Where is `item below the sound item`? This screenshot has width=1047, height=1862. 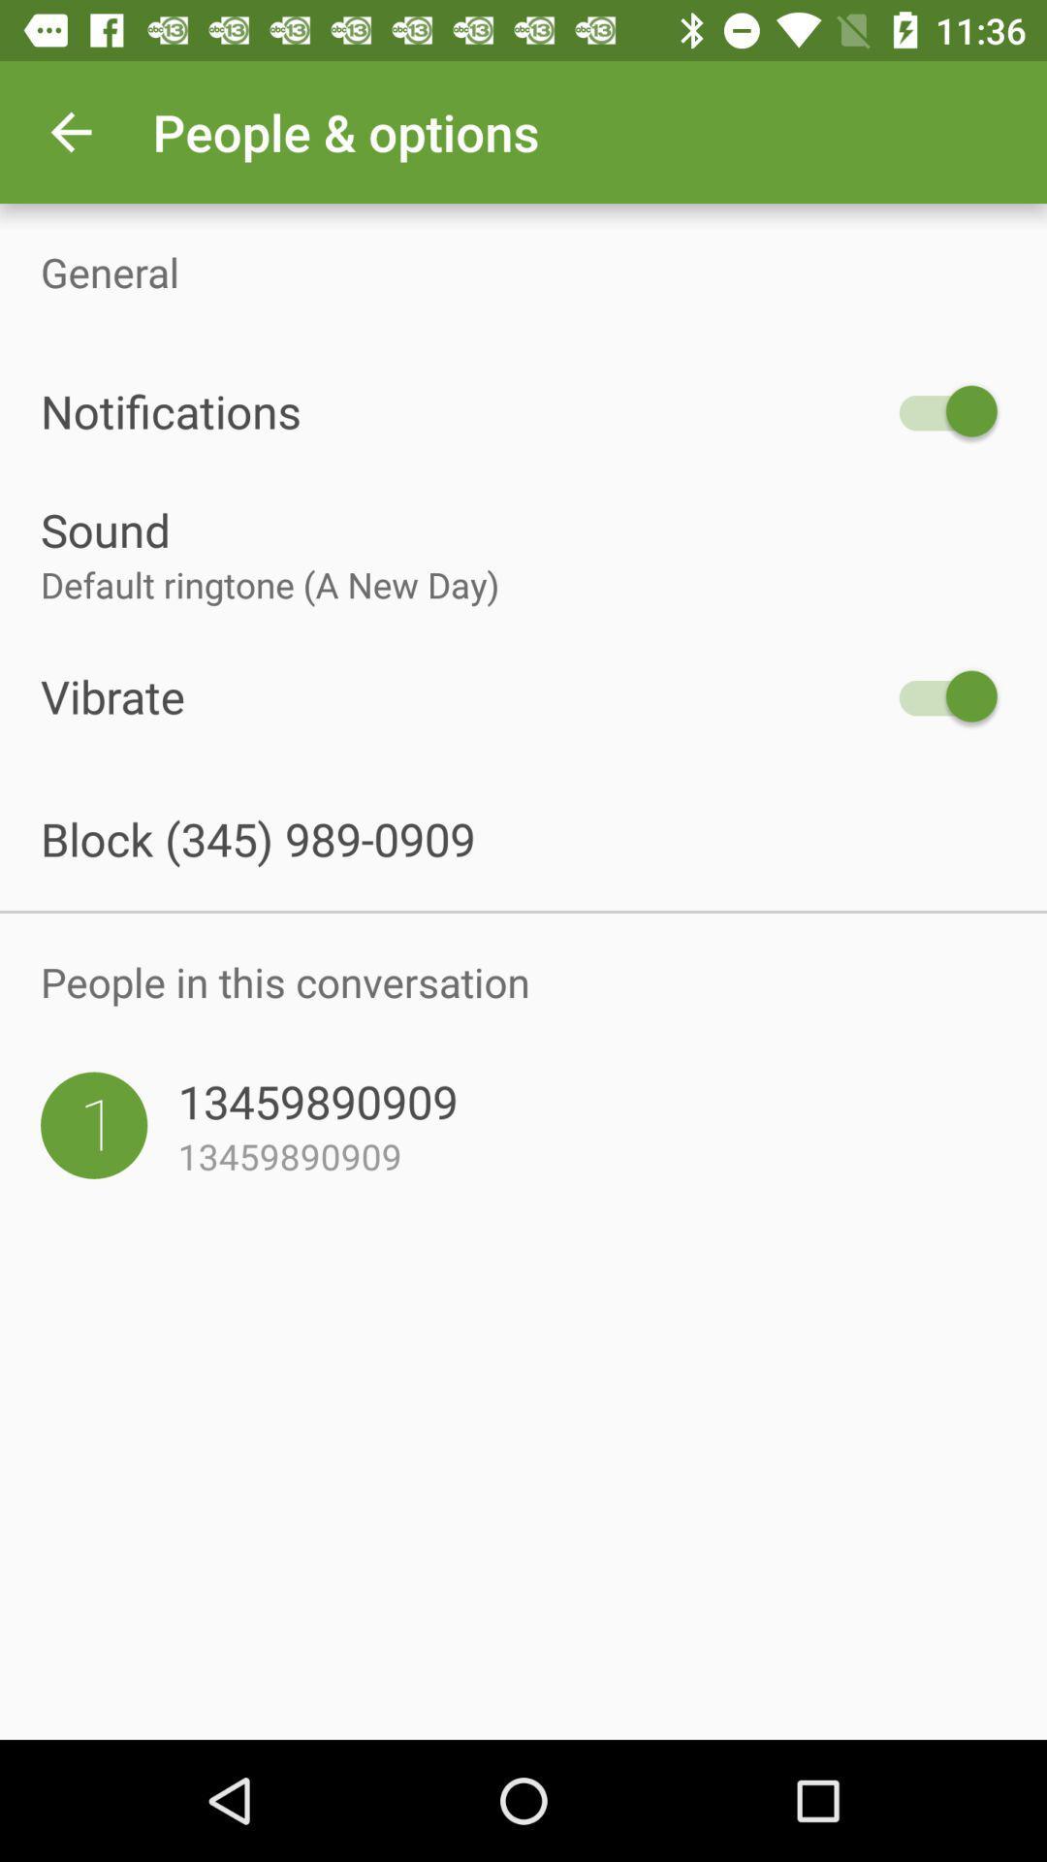
item below the sound item is located at coordinates (523, 584).